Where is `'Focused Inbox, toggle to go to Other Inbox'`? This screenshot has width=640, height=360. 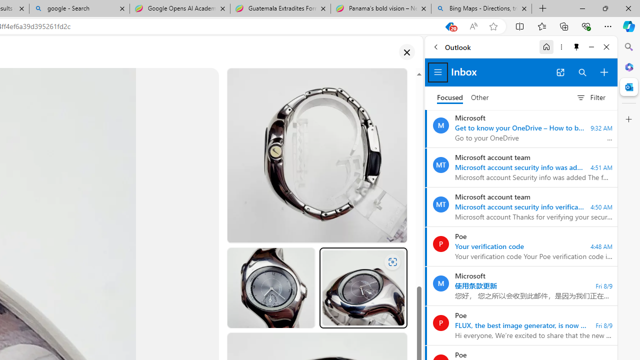
'Focused Inbox, toggle to go to Other Inbox' is located at coordinates (462, 97).